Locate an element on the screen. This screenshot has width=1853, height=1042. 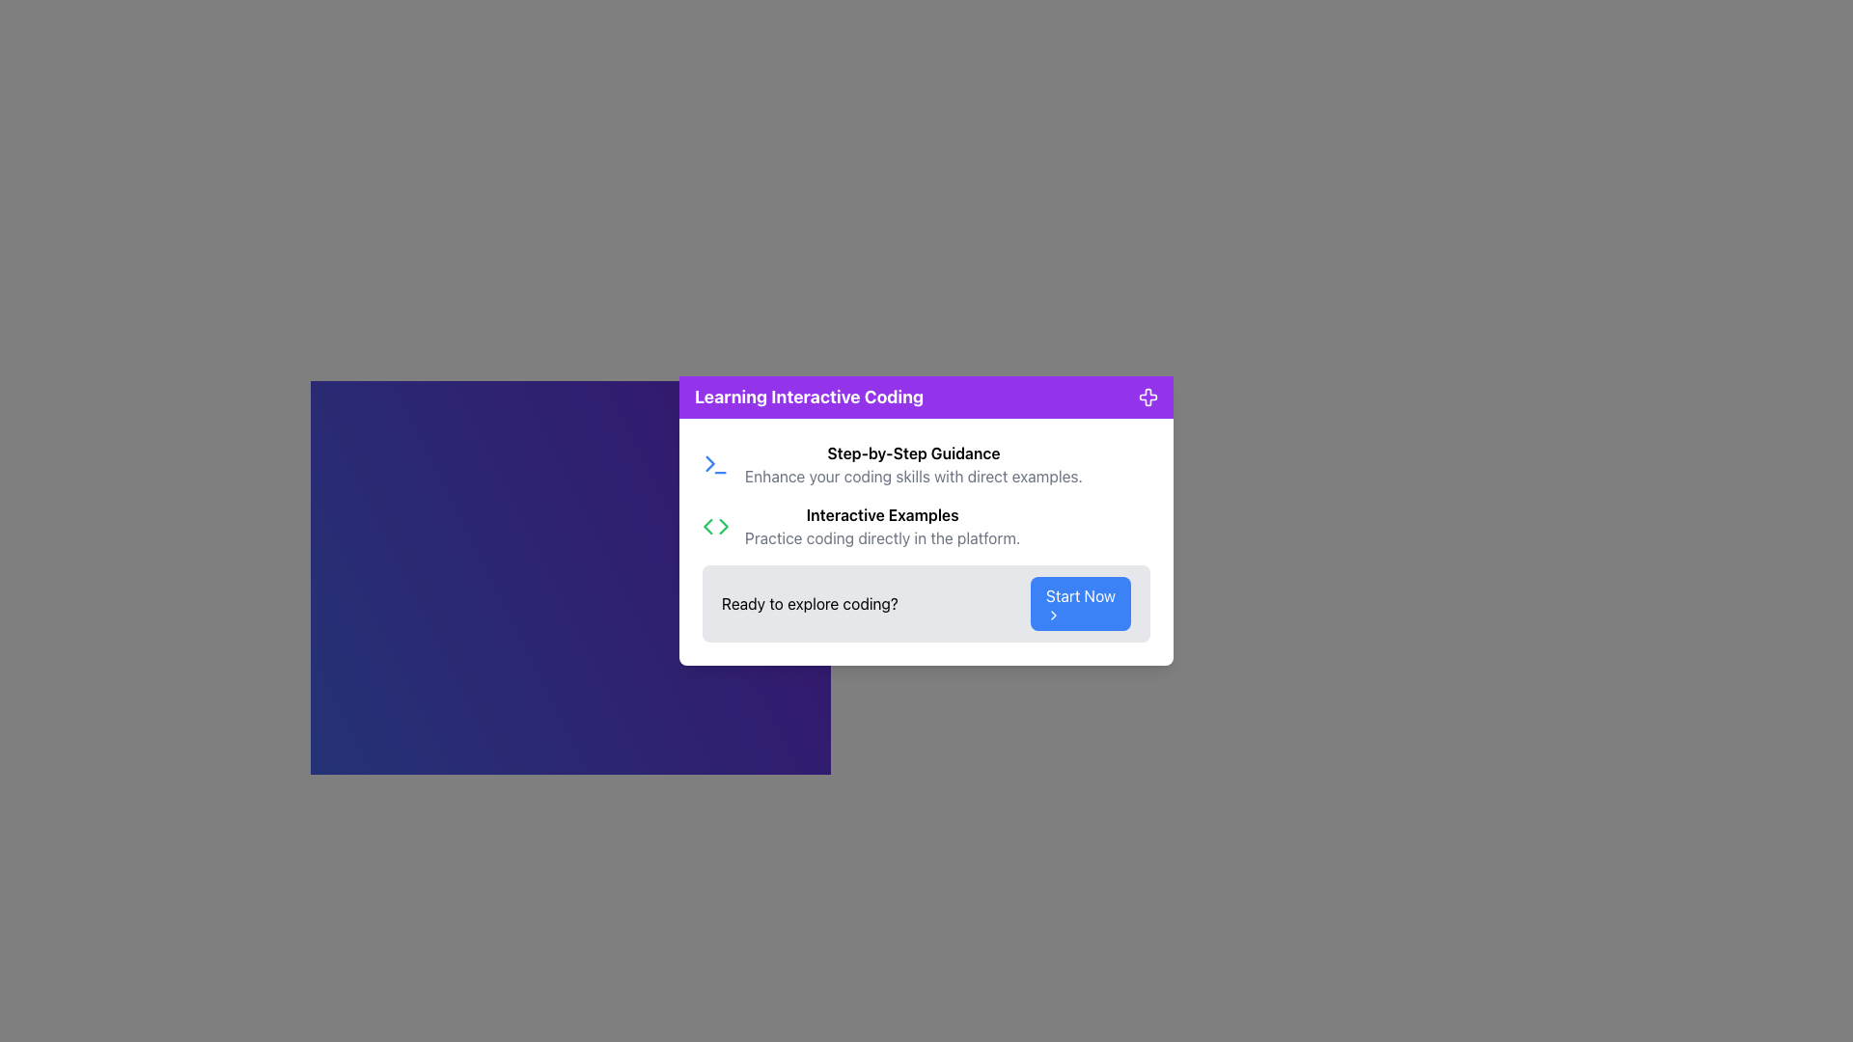
the blue command prompt icon located to the left of the 'Step-by-Step Guidance' text is located at coordinates (715, 465).